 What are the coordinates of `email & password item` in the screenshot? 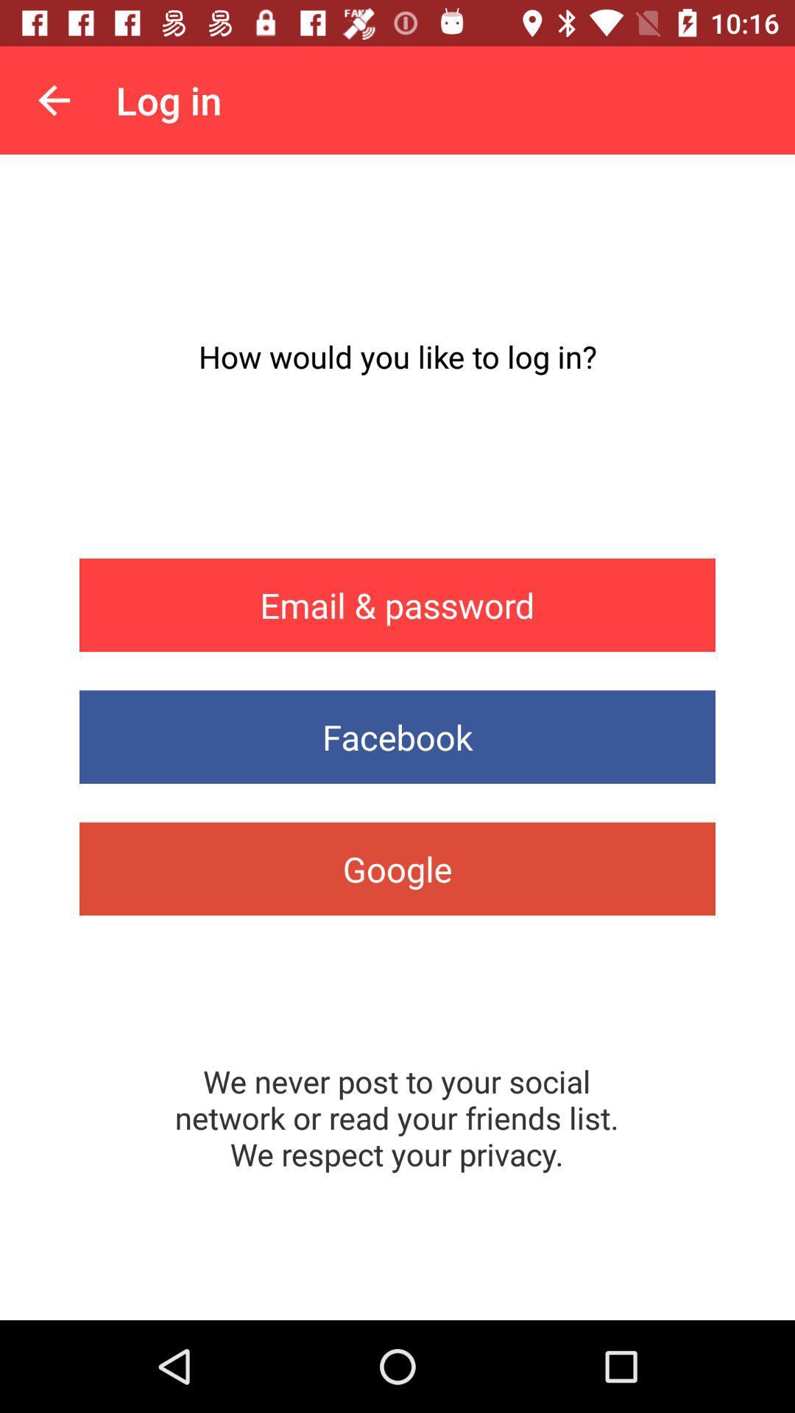 It's located at (397, 605).